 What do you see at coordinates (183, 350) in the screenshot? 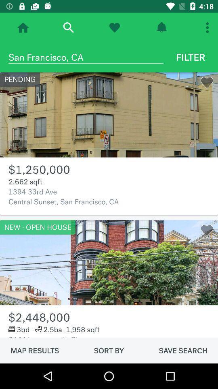
I see `the icon next to the sort by` at bounding box center [183, 350].